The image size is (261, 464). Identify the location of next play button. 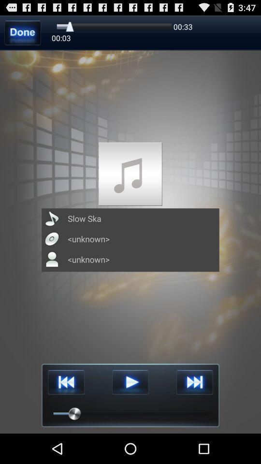
(194, 382).